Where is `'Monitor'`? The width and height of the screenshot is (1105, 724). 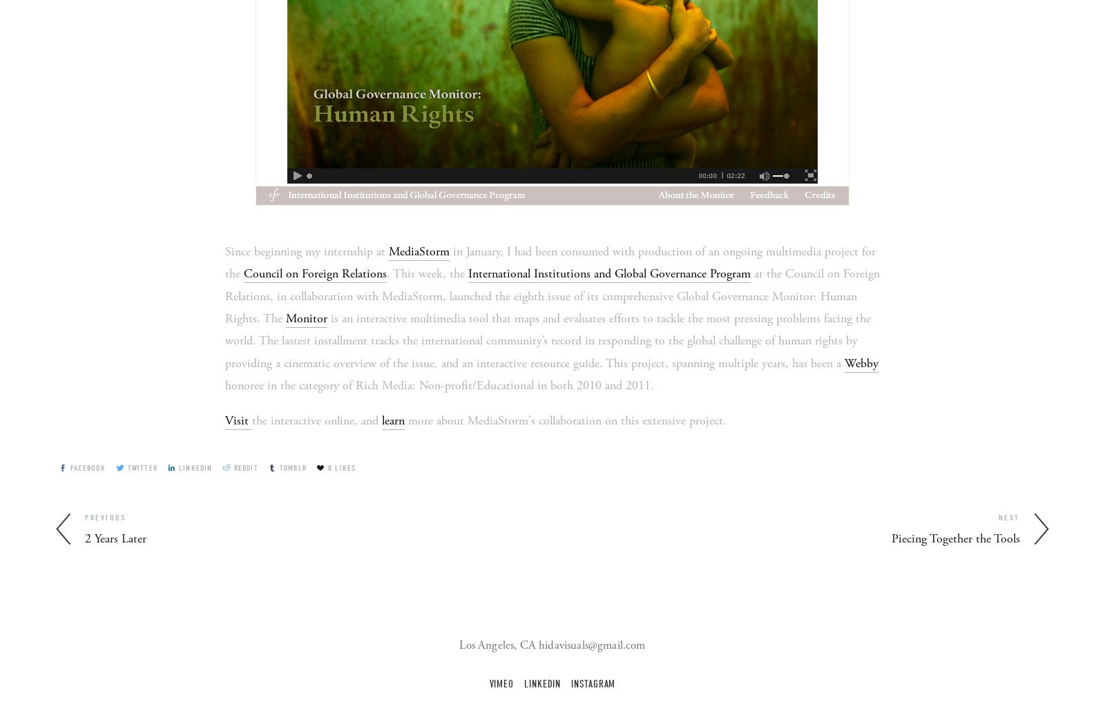 'Monitor' is located at coordinates (305, 318).